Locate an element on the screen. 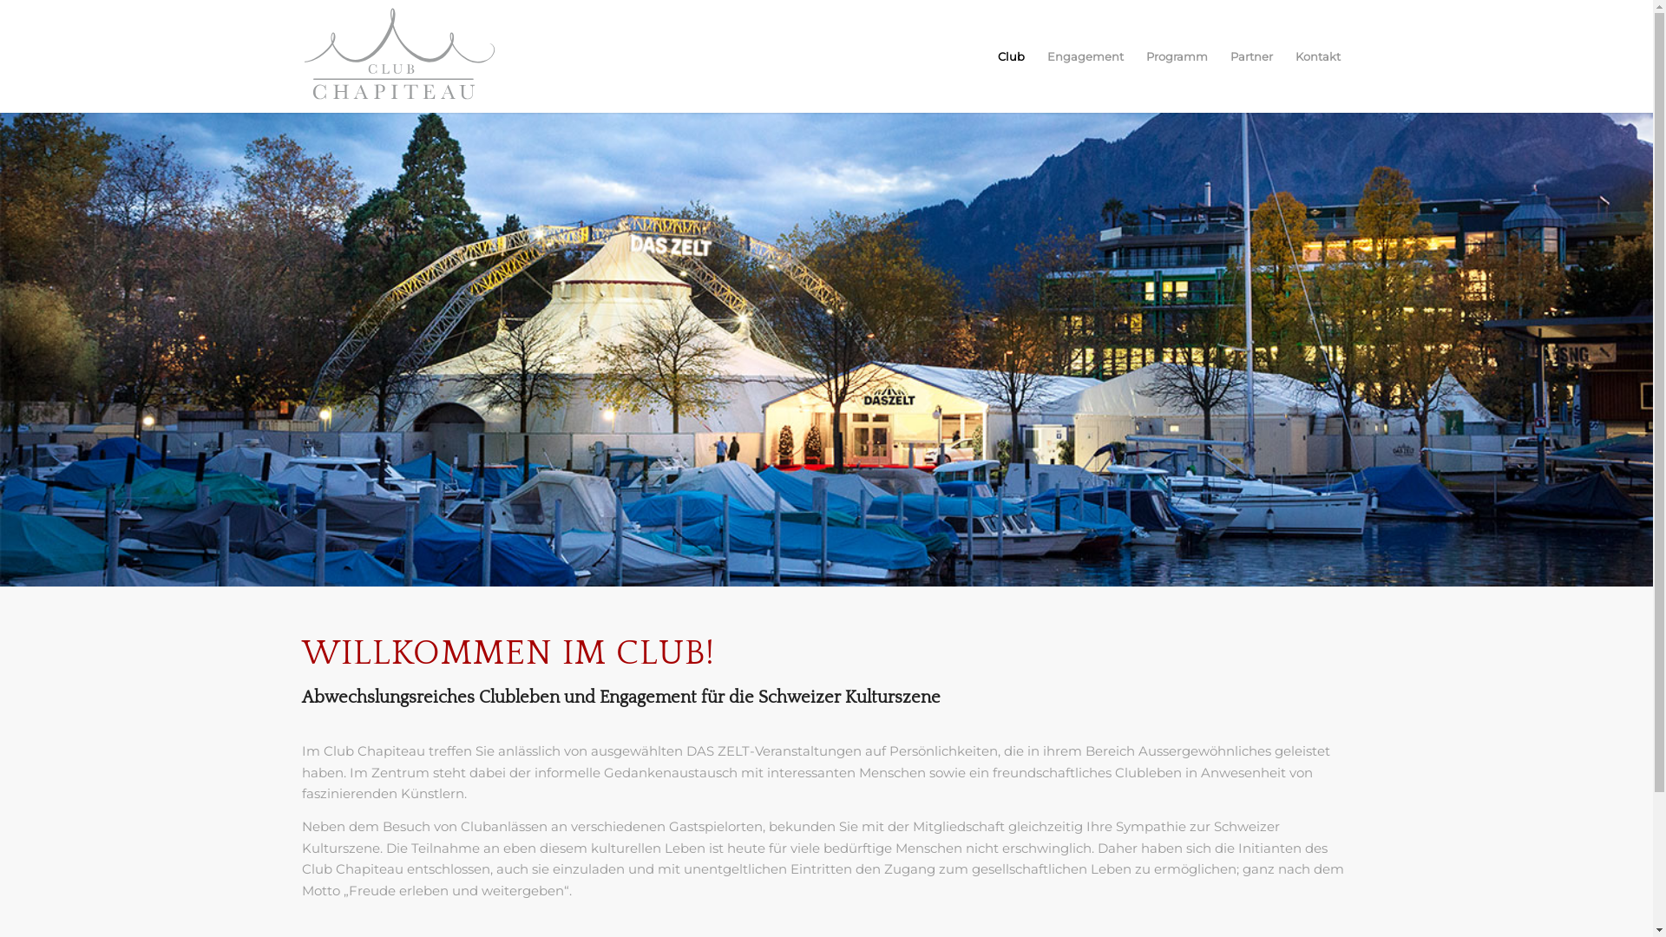 This screenshot has width=1666, height=937. 'Kontakt' is located at coordinates (1283, 56).